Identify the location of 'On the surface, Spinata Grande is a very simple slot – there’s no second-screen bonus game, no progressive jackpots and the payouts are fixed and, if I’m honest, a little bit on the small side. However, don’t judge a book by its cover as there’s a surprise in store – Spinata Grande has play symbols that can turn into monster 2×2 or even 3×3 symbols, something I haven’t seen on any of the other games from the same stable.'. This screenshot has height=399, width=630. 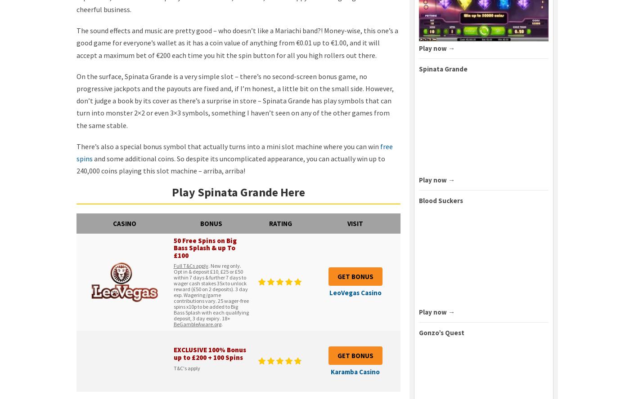
(235, 100).